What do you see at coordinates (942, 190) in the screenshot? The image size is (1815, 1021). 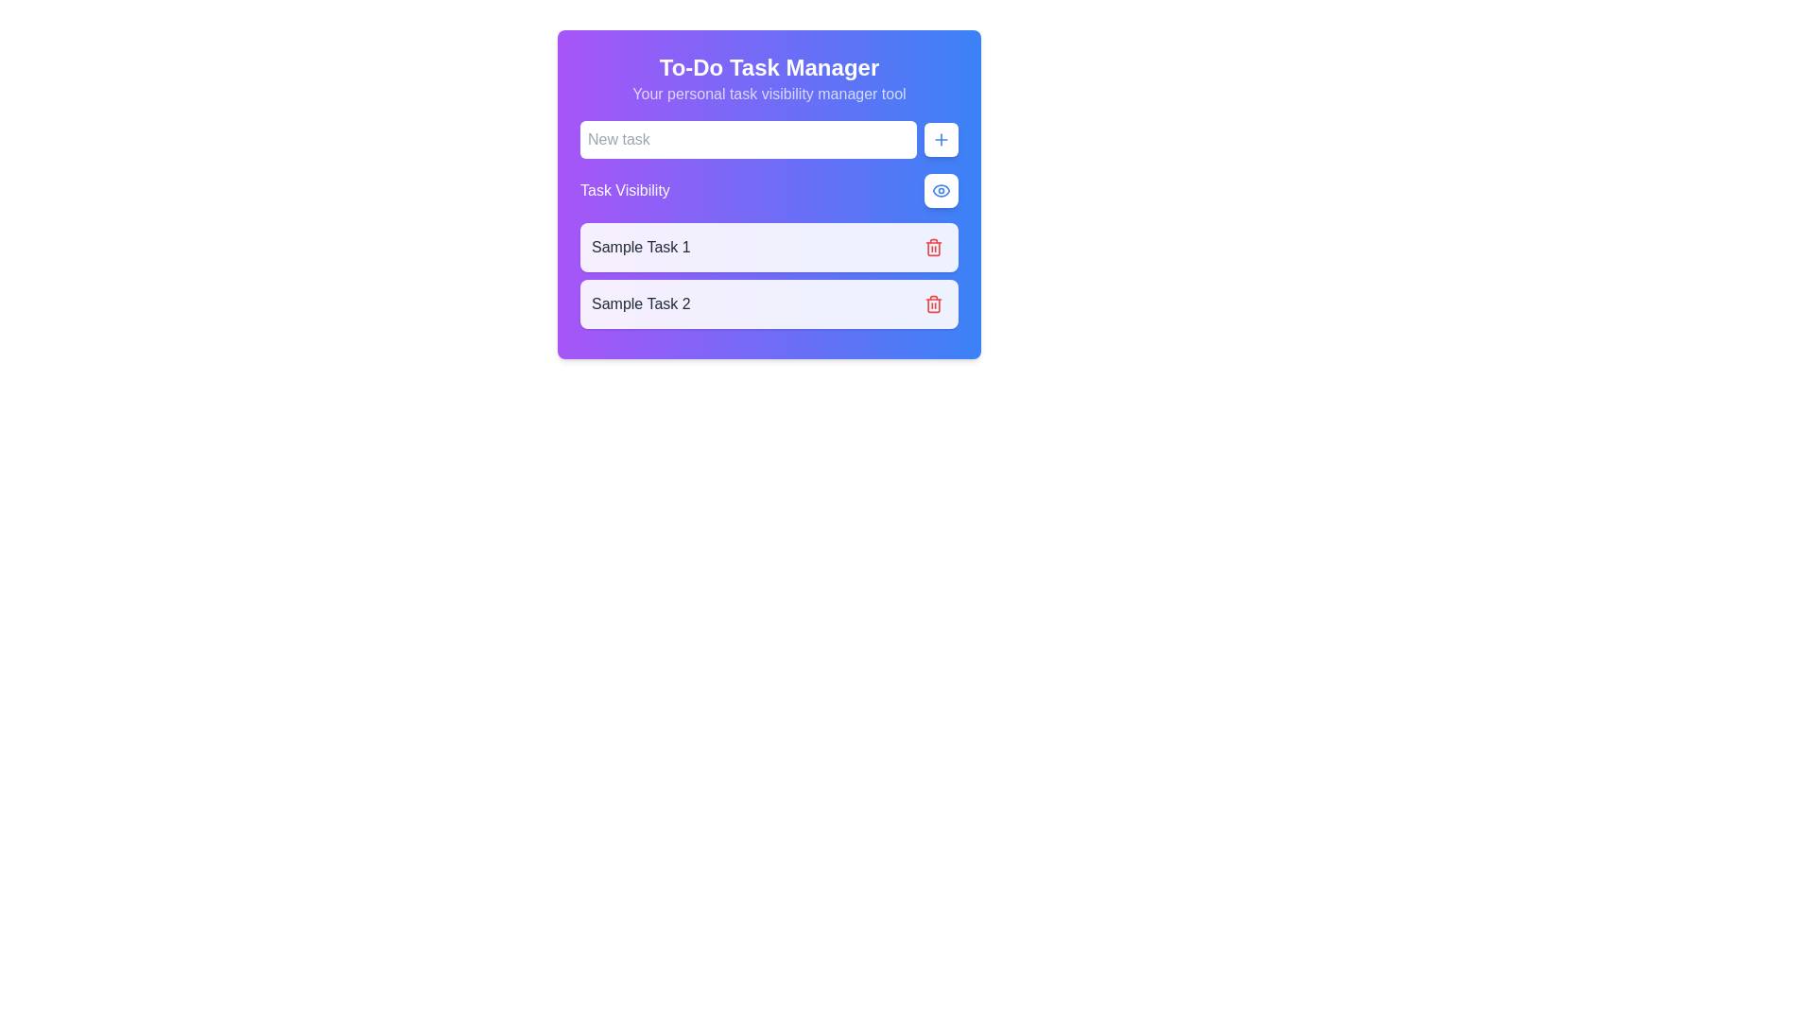 I see `the button with an icon that controls the visibility of tasks, located to the right of the 'Task Visibility' label` at bounding box center [942, 190].